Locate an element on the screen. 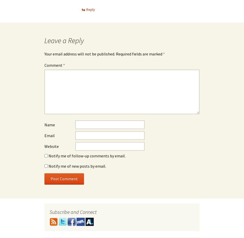 The width and height of the screenshot is (244, 238). 'Reply' is located at coordinates (90, 9).